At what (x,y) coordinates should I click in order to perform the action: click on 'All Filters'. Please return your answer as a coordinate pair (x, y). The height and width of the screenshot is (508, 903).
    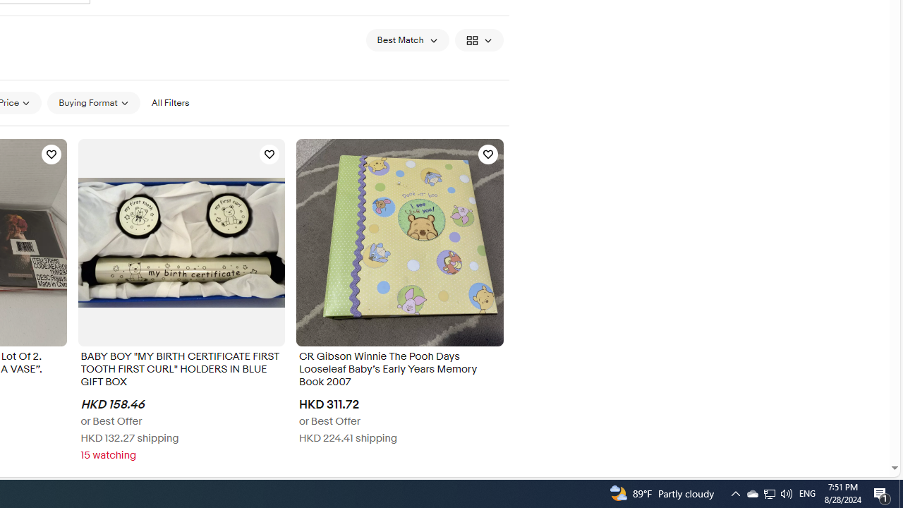
    Looking at the image, I should click on (169, 102).